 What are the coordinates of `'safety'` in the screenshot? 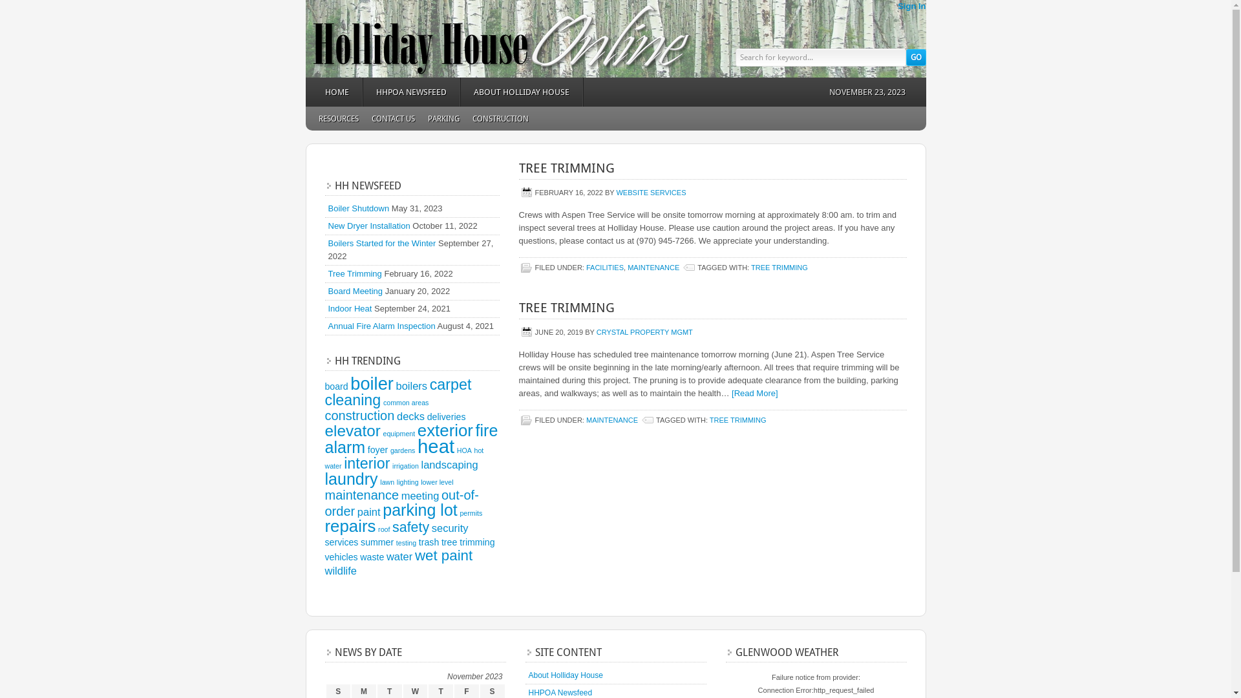 It's located at (410, 527).